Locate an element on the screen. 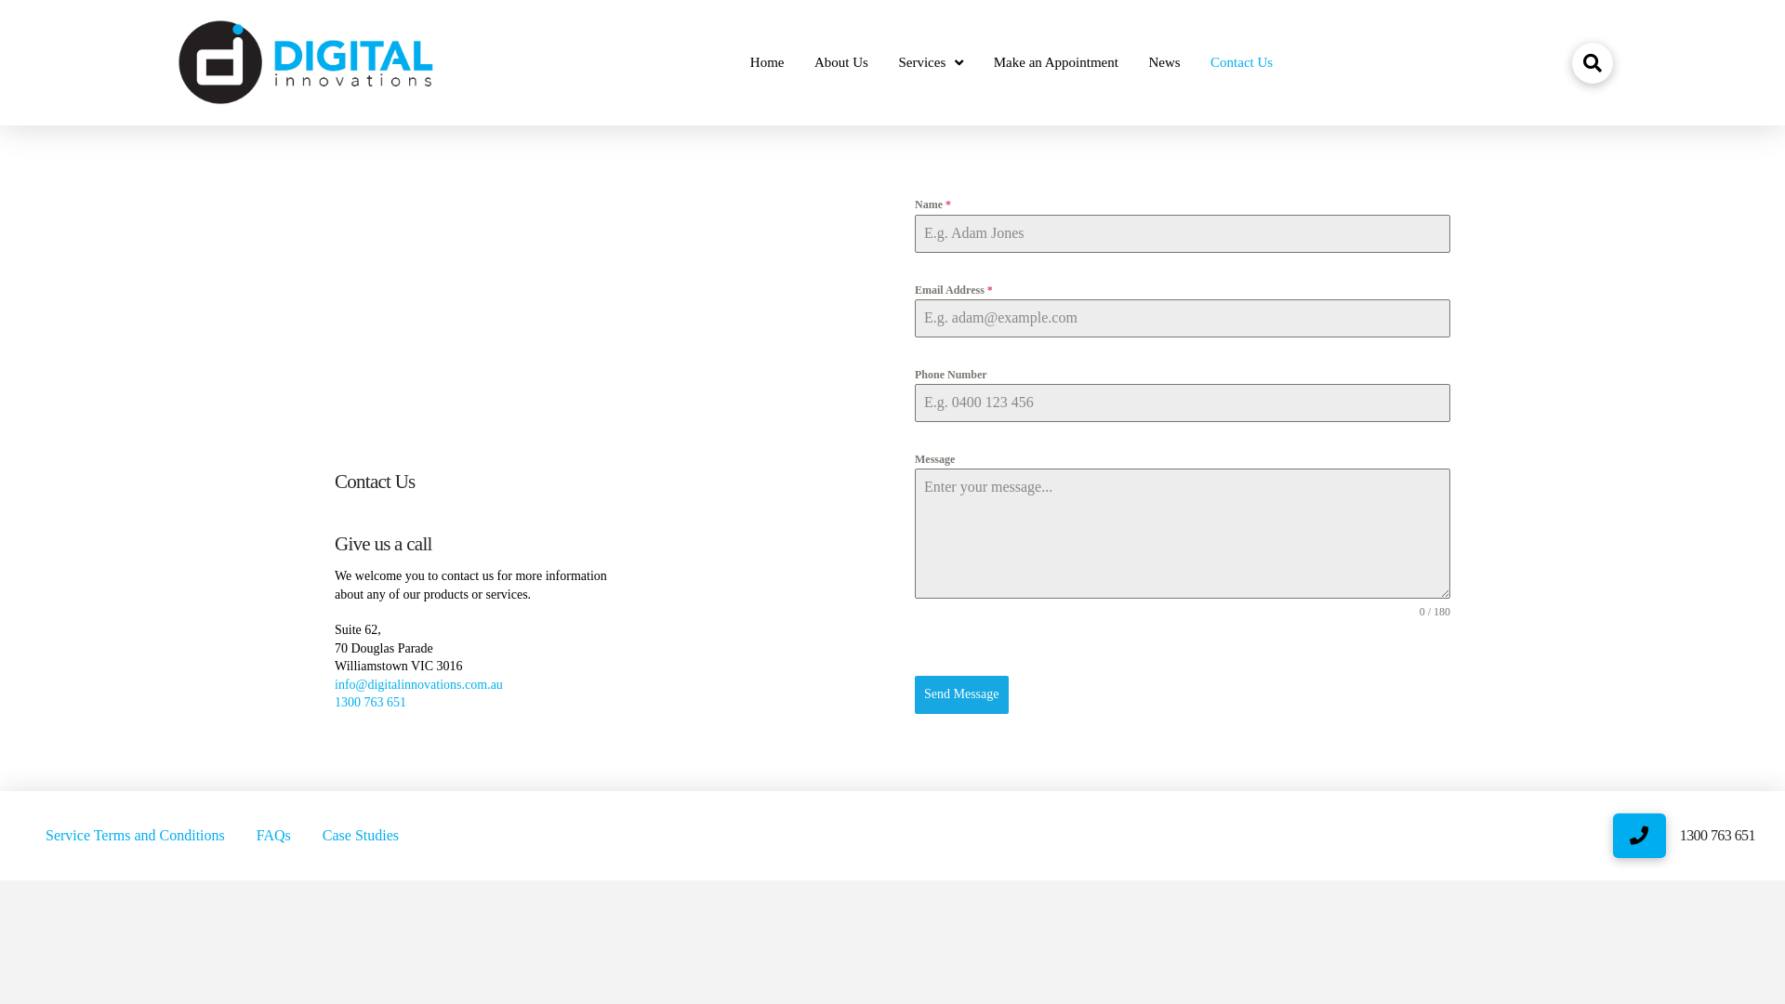 The image size is (1785, 1004). 'Send Message' is located at coordinates (914, 694).